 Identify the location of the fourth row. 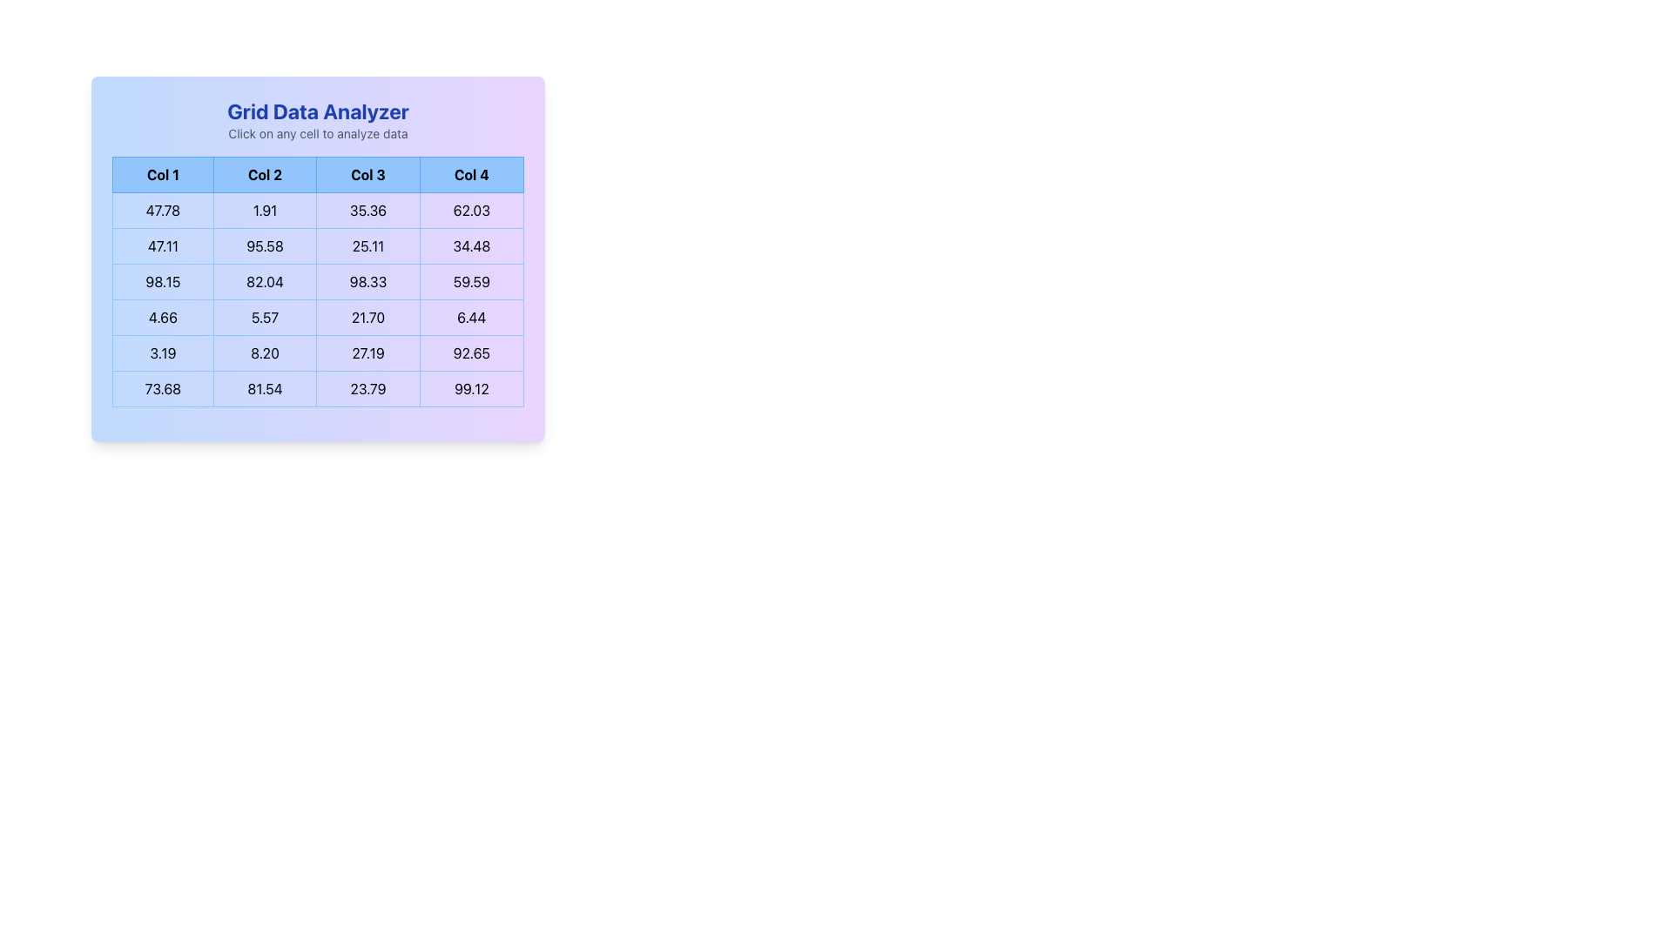
(318, 318).